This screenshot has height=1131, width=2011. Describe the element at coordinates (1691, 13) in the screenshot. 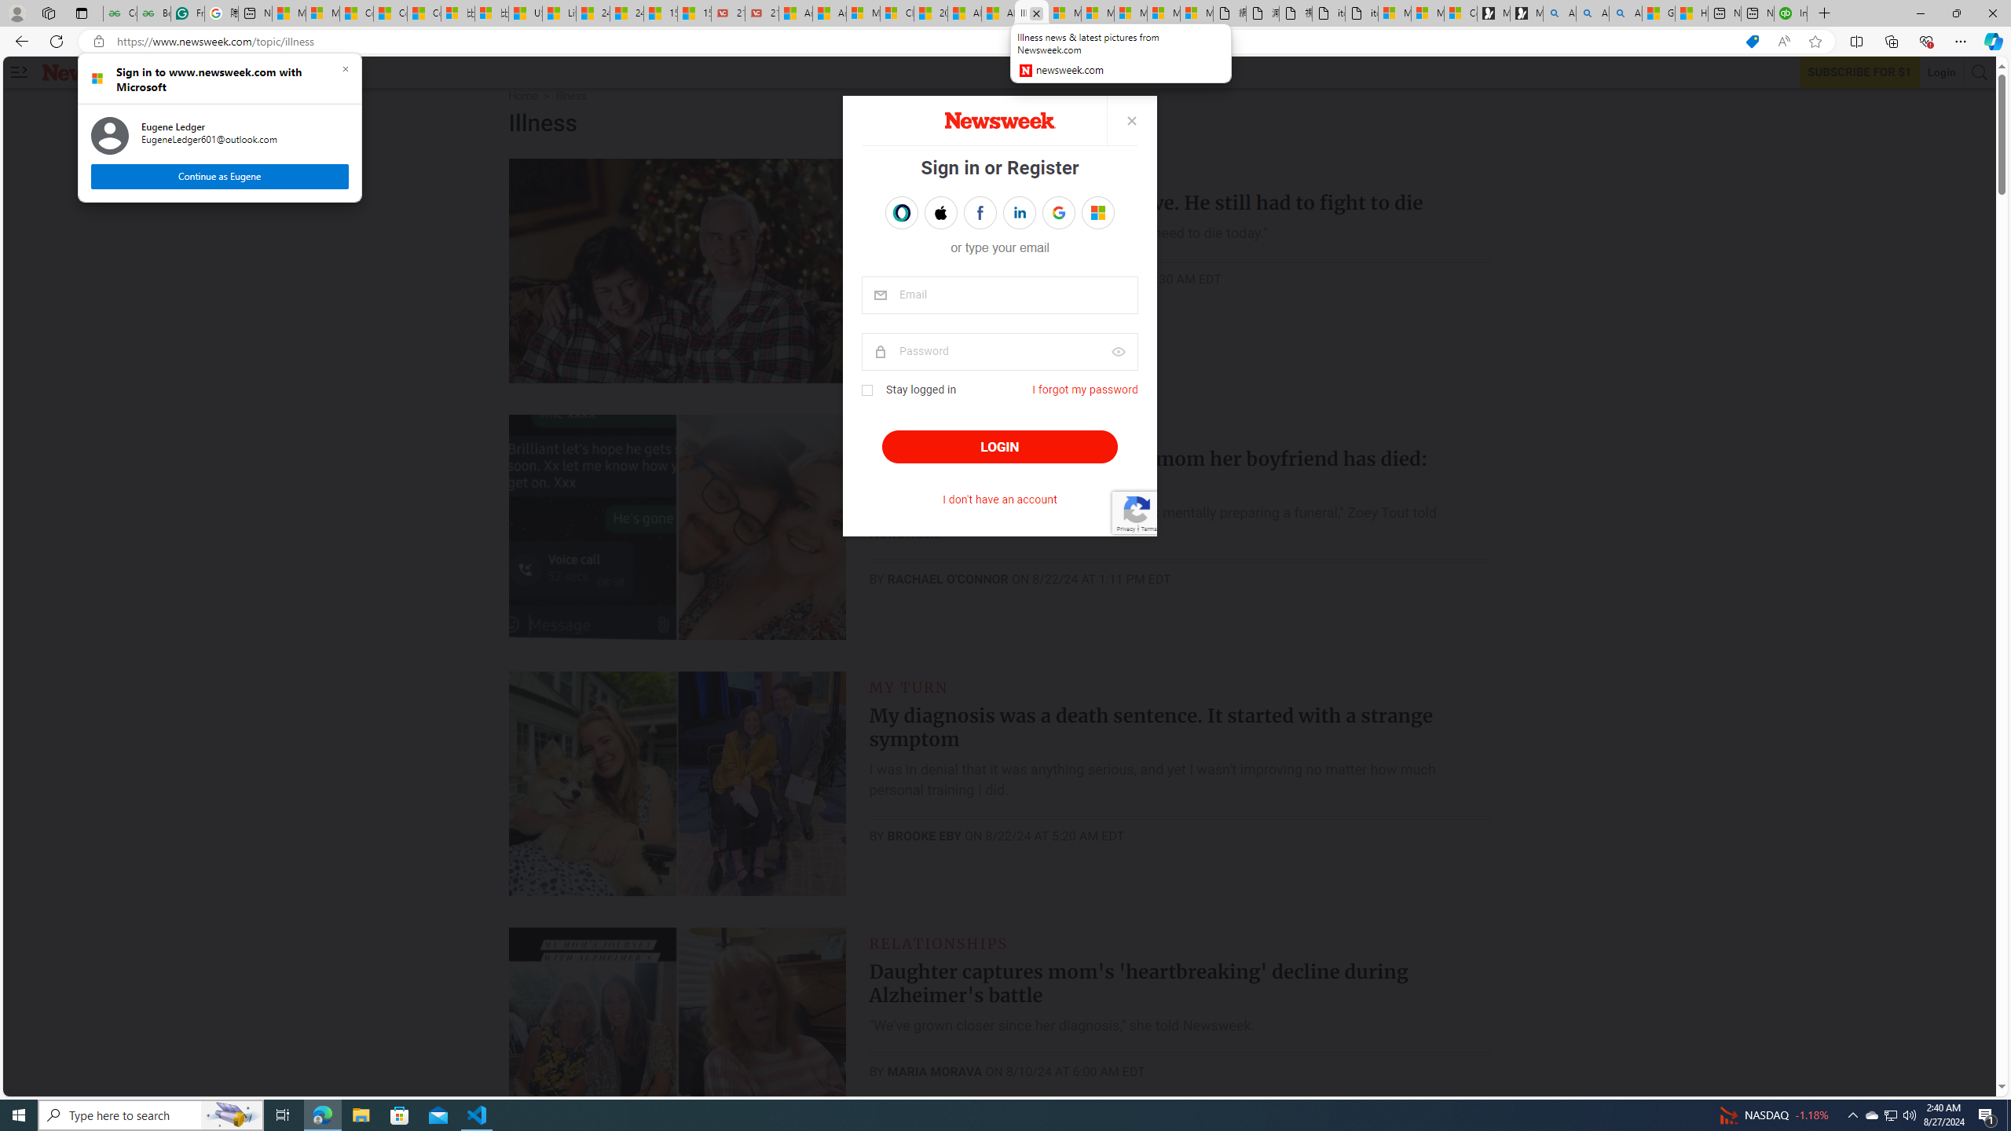

I see `'How to Use a TV as a Computer Monitor'` at that location.